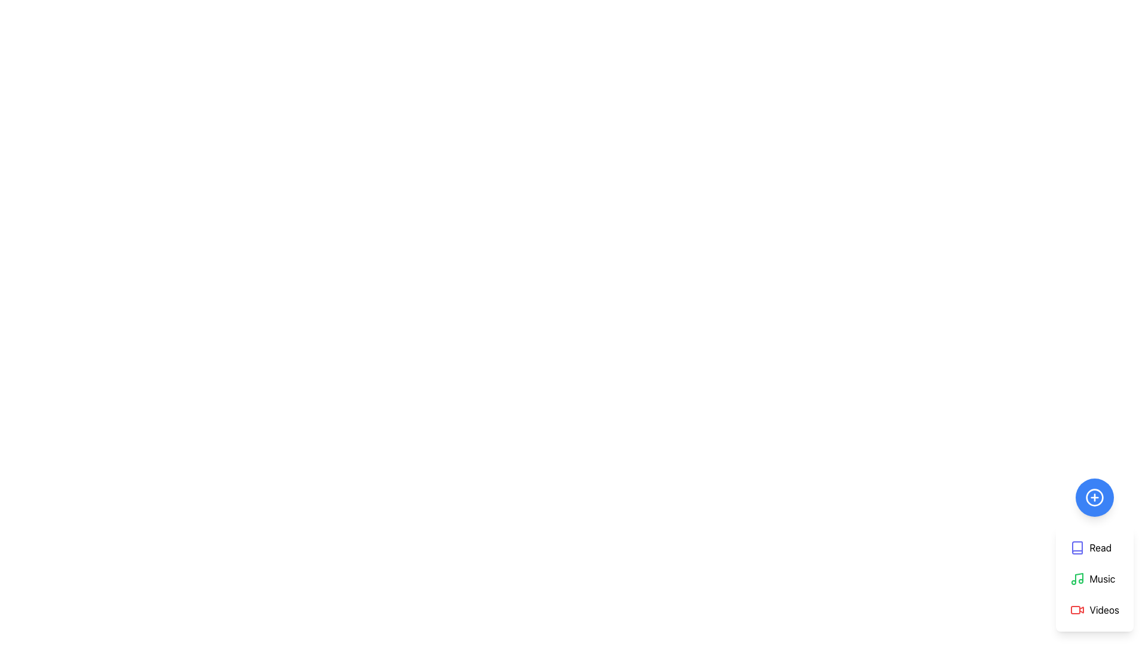 The image size is (1148, 646). Describe the element at coordinates (1079, 577) in the screenshot. I see `the vertical black line within the music-related SVG icon, which is centered horizontally between the two circular elements` at that location.